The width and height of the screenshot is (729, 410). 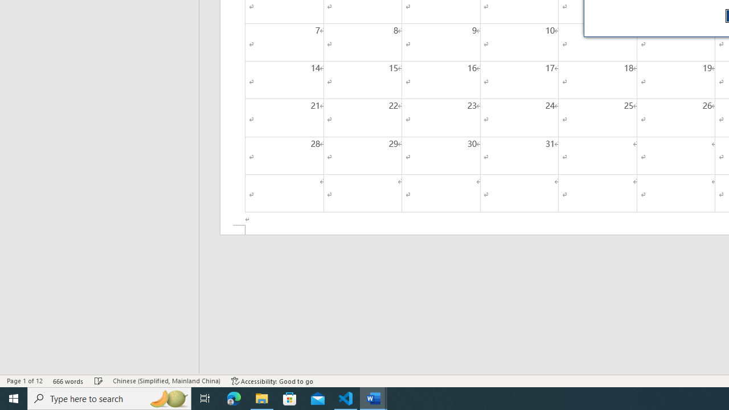 I want to click on 'Language Chinese (Simplified, Mainland China)', so click(x=166, y=381).